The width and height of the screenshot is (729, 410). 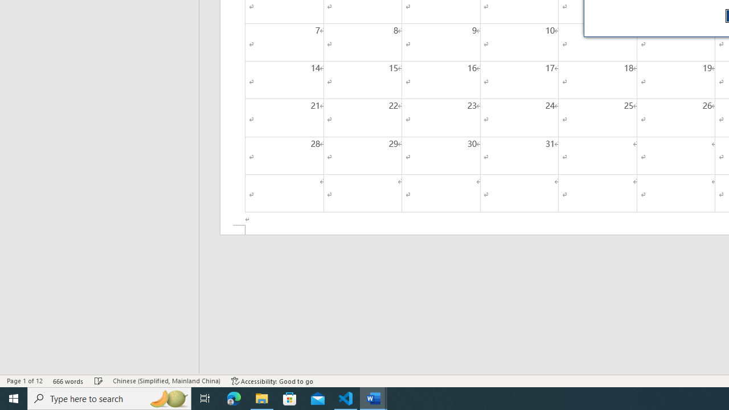 I want to click on 'Language Chinese (Simplified, Mainland China)', so click(x=166, y=381).